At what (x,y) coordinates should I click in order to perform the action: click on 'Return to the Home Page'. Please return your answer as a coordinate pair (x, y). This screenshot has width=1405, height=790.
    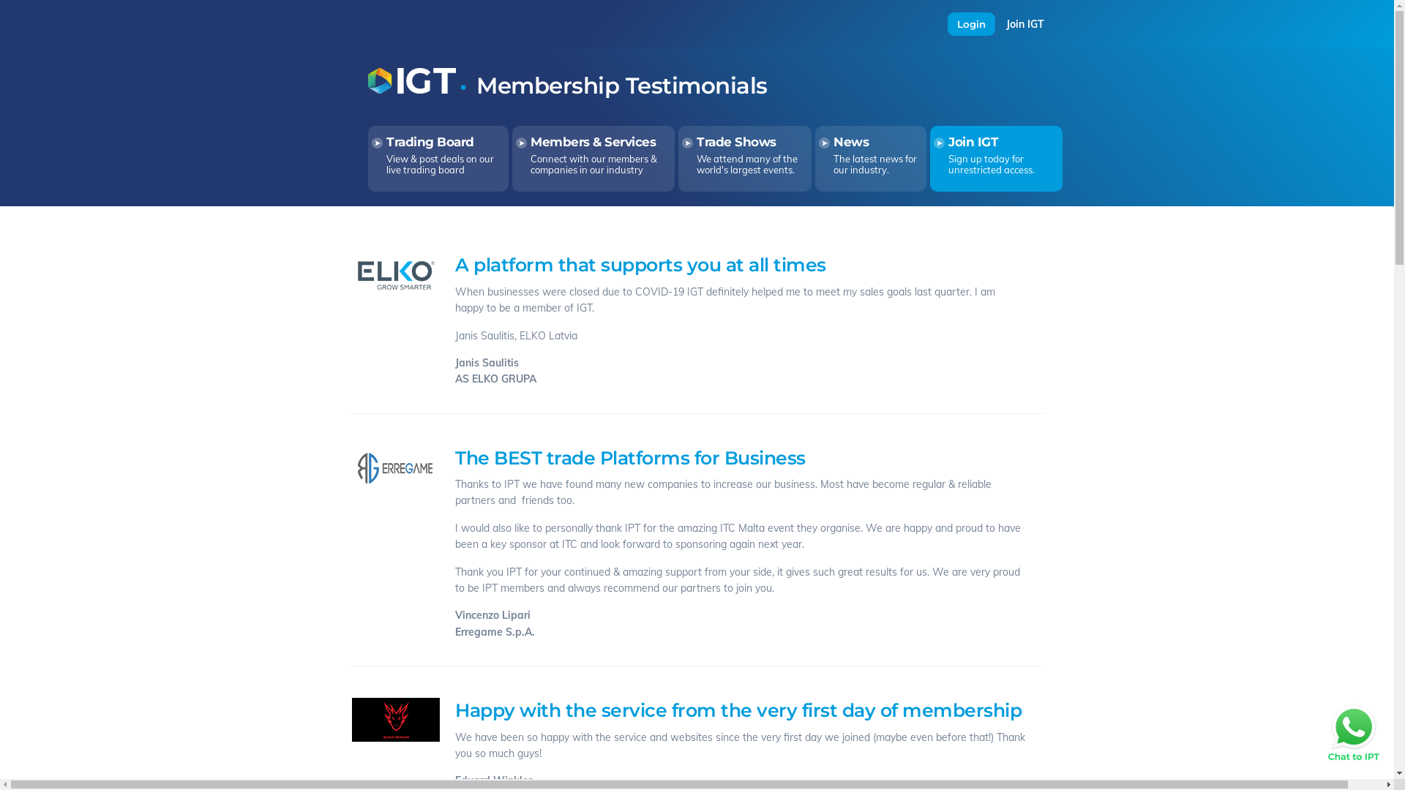
    Looking at the image, I should click on (411, 90).